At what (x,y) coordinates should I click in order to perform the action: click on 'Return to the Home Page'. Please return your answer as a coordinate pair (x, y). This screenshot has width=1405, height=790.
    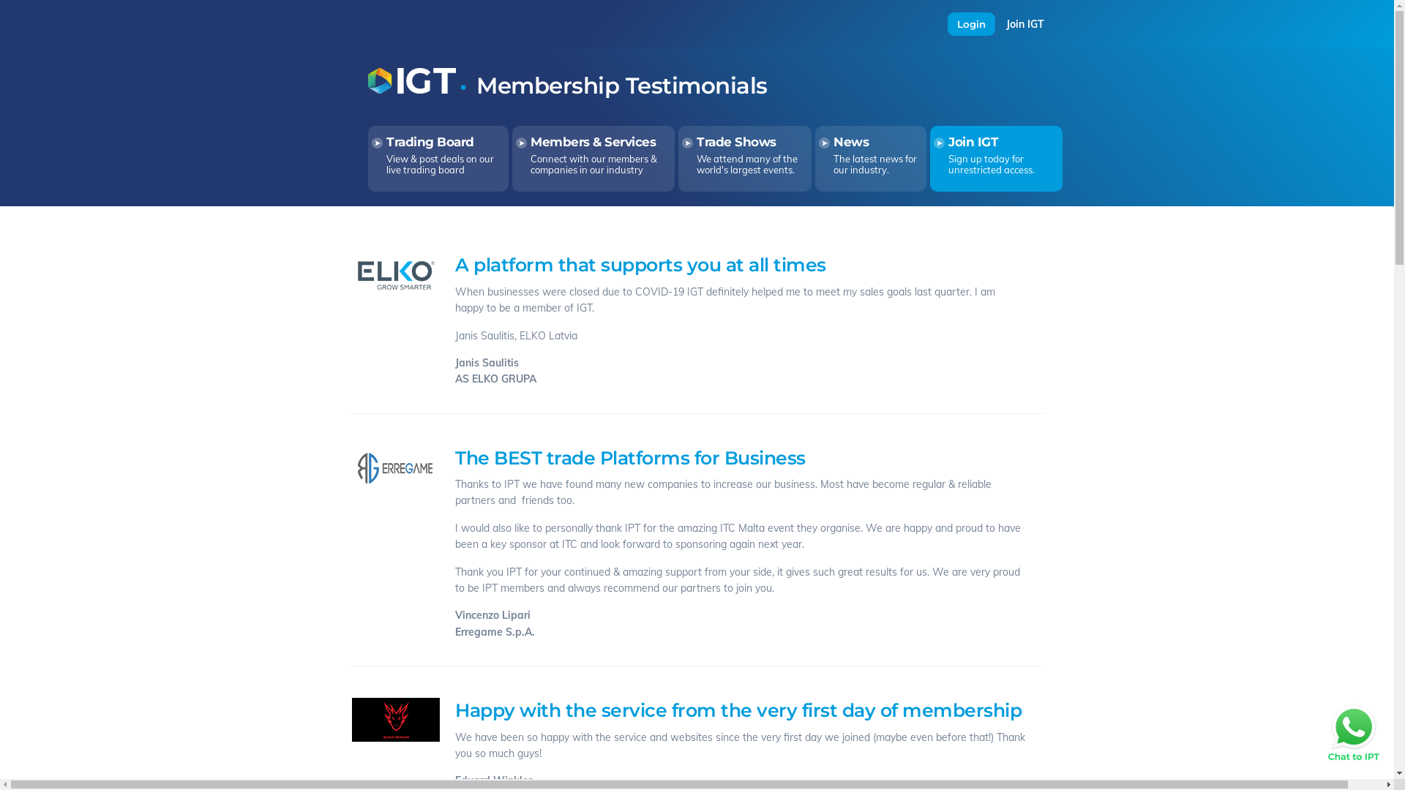
    Looking at the image, I should click on (411, 90).